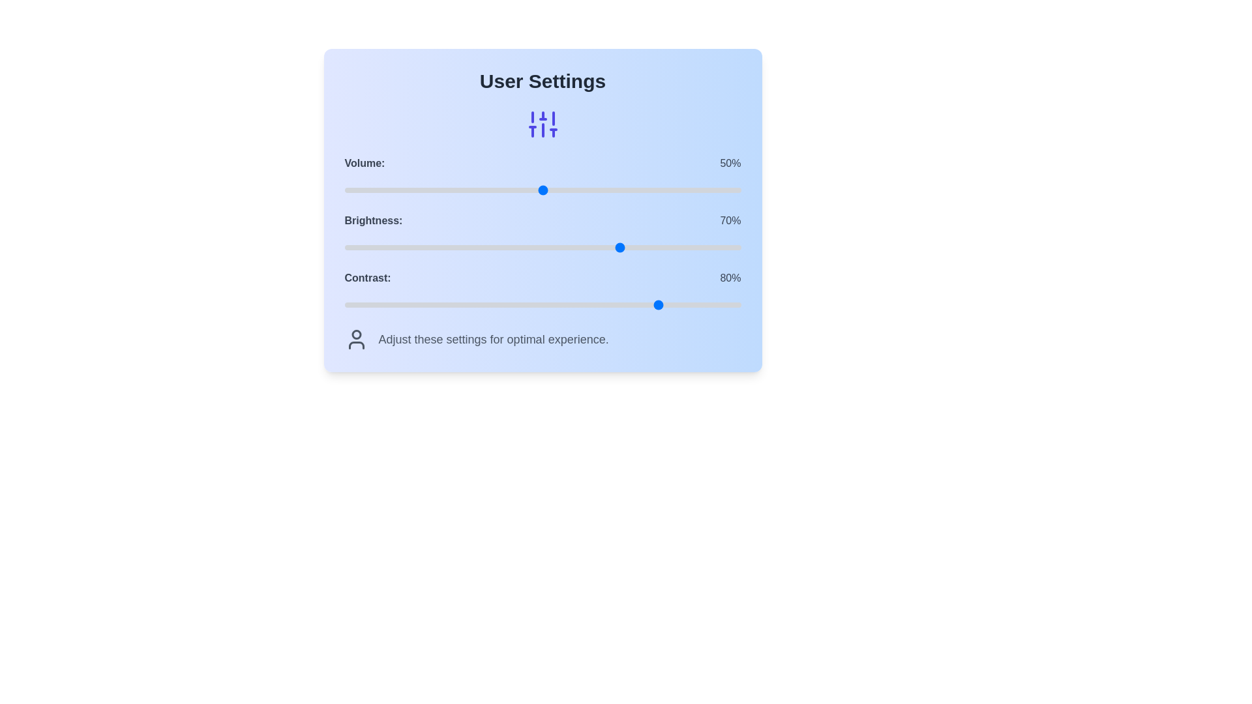  What do you see at coordinates (657, 248) in the screenshot?
I see `the brightness level` at bounding box center [657, 248].